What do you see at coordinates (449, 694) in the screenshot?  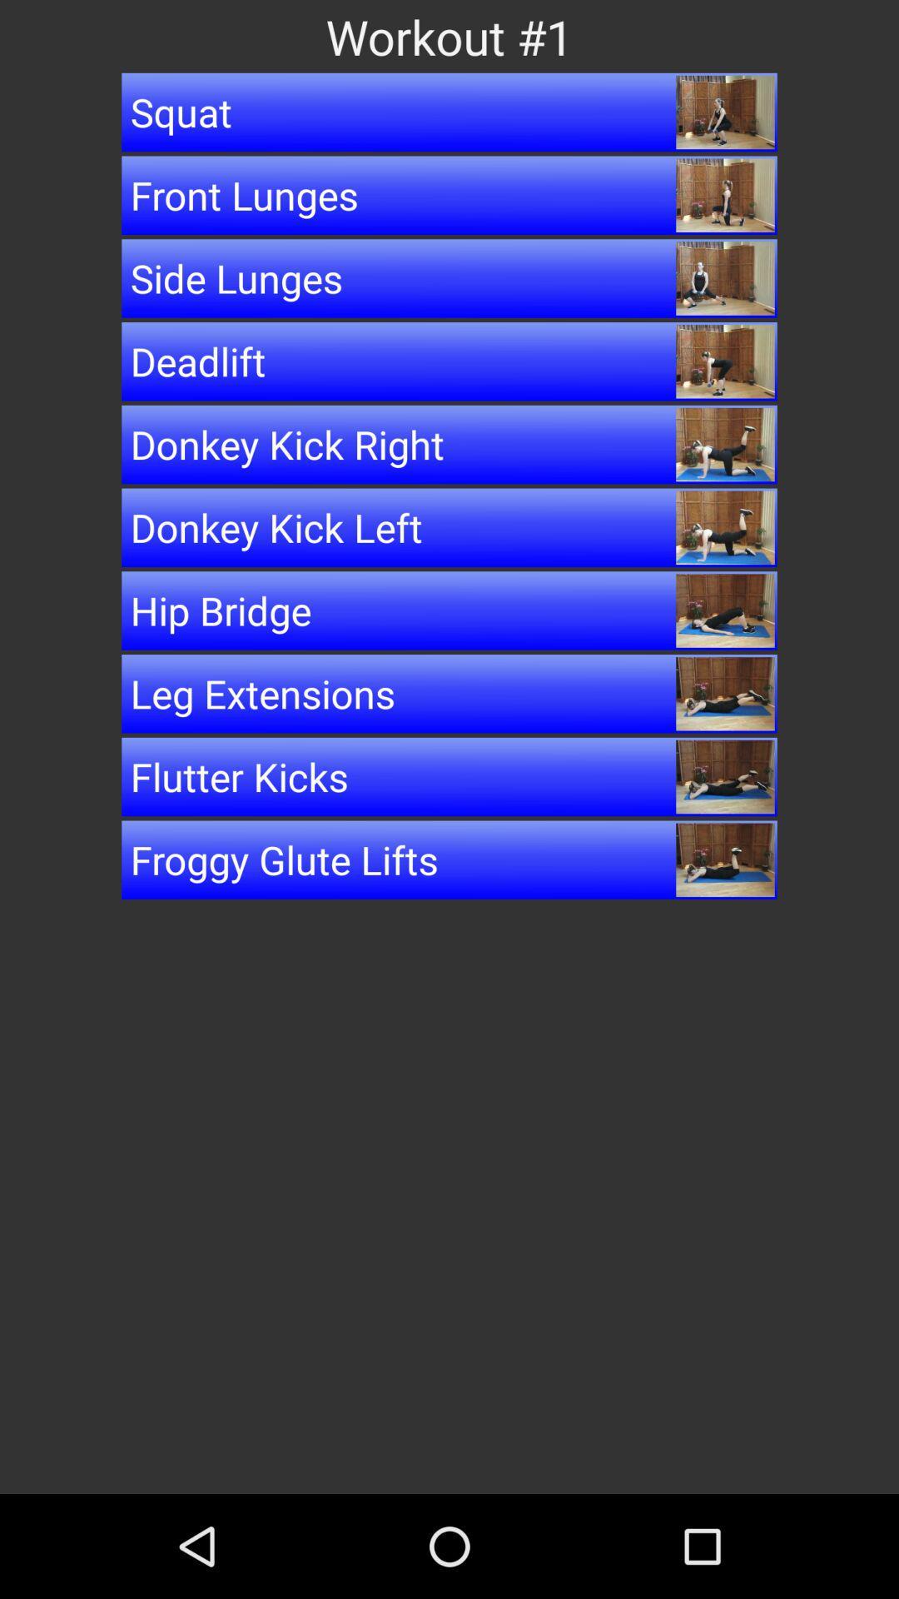 I see `the leg extensions item` at bounding box center [449, 694].